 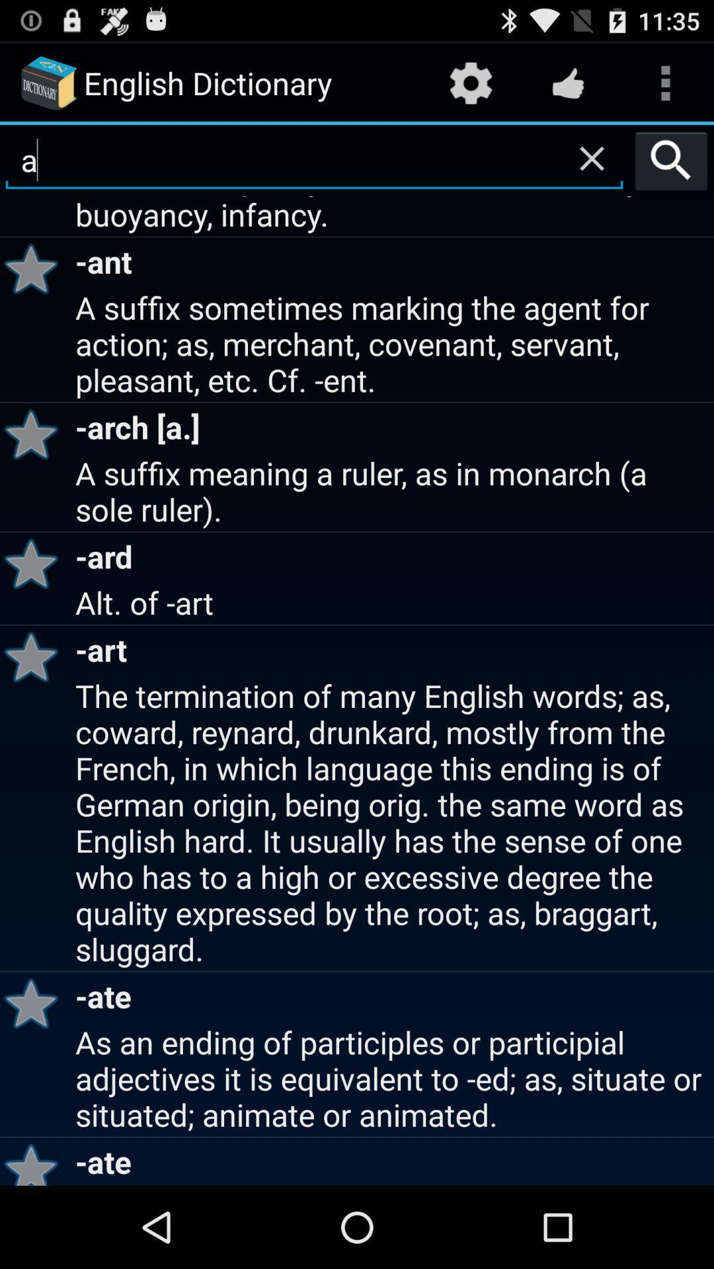 I want to click on icon below as an ending item, so click(x=35, y=1161).